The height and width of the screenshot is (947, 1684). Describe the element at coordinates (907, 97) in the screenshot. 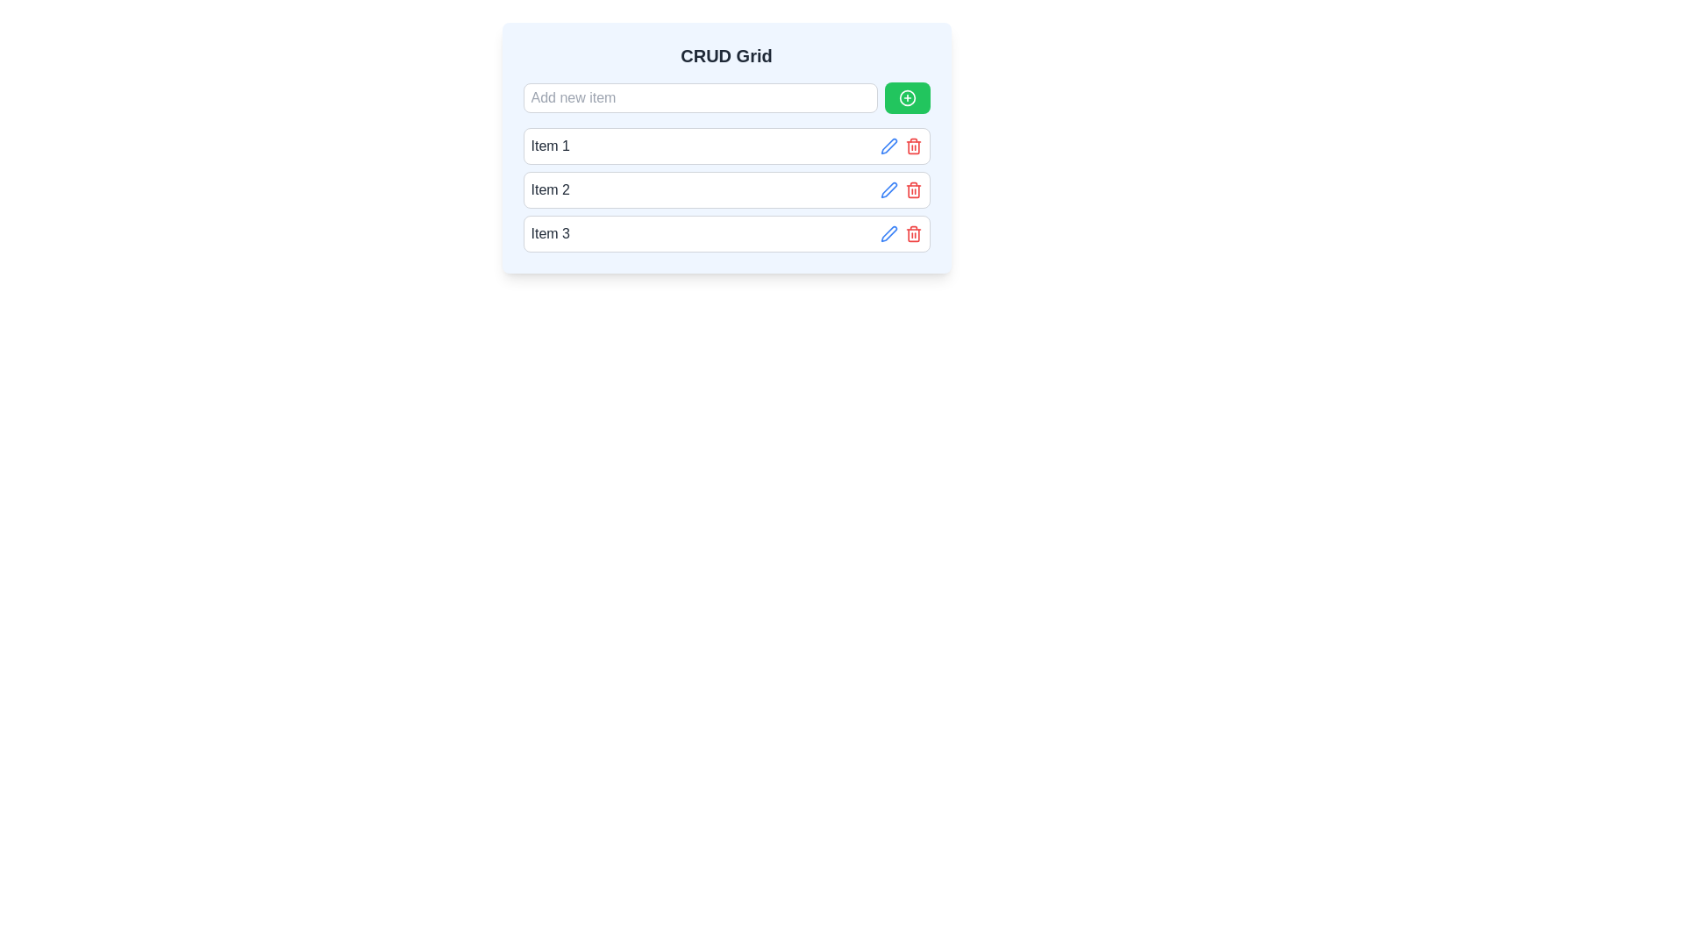

I see `the SVG circle graphic element located at the top-right section of the CRUD Grid interface, which has a radius of 10 and is styled with a thin border` at that location.